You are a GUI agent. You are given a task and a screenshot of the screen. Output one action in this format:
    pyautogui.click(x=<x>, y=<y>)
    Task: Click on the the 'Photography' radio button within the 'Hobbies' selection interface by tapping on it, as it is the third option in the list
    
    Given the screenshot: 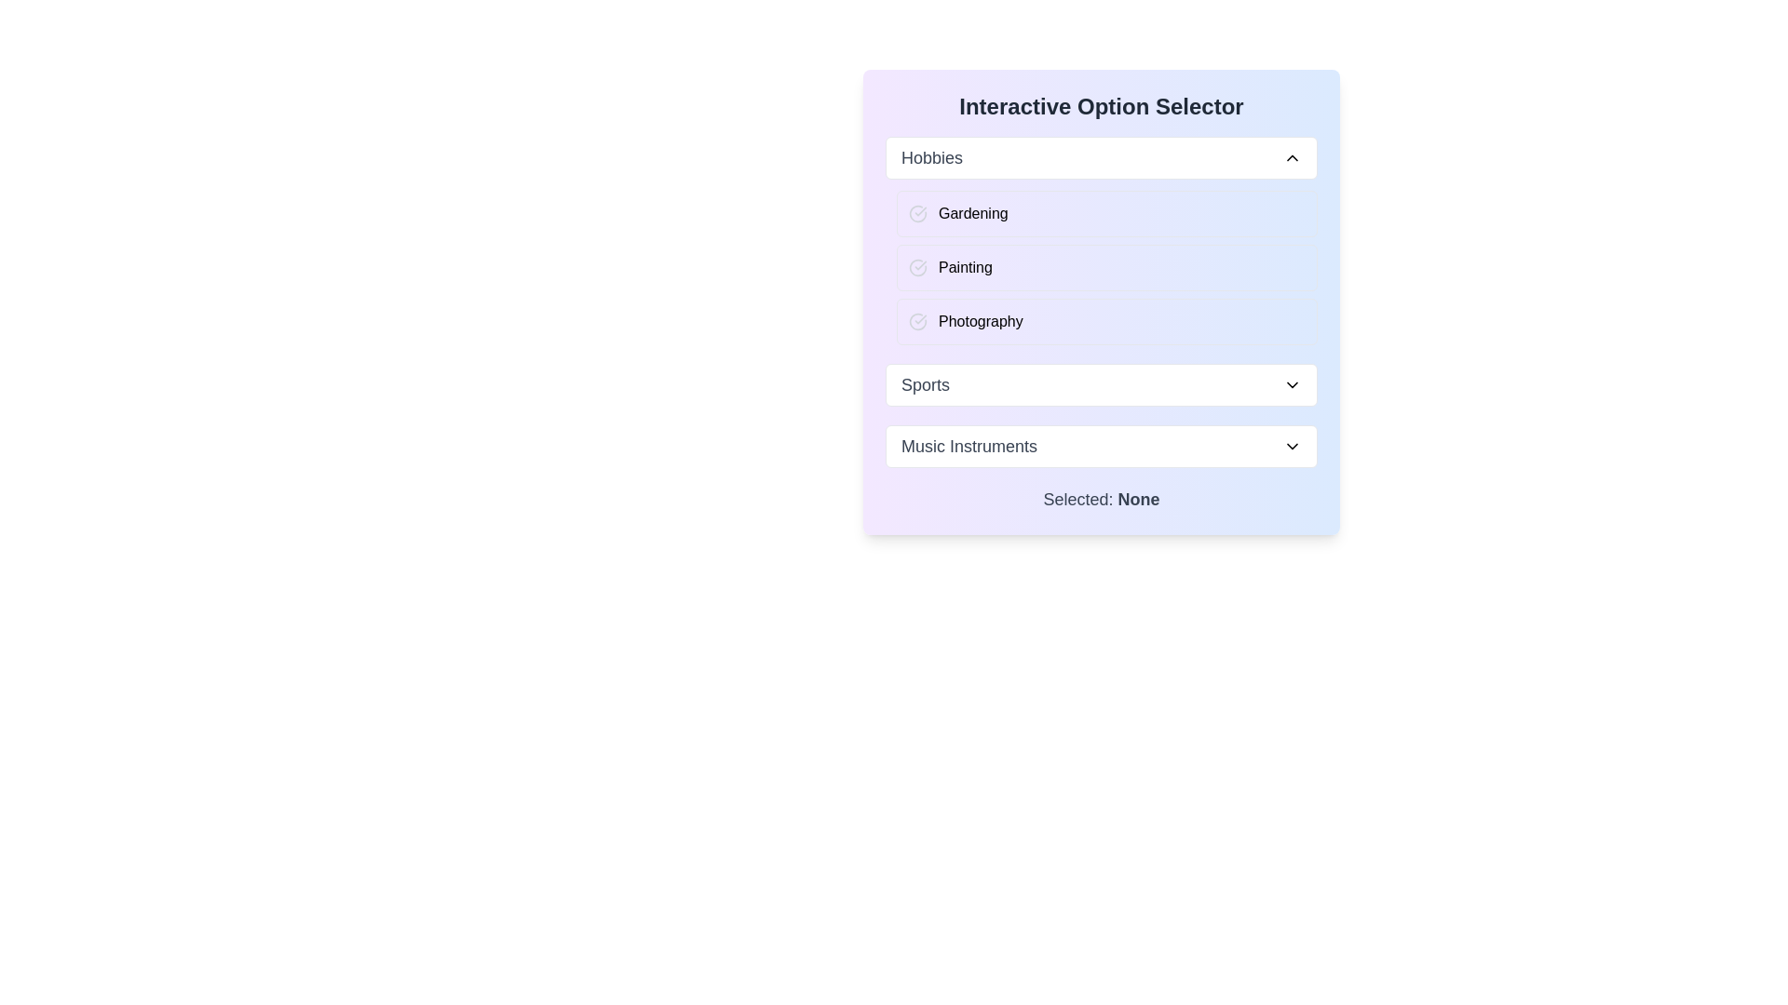 What is the action you would take?
    pyautogui.click(x=1101, y=321)
    